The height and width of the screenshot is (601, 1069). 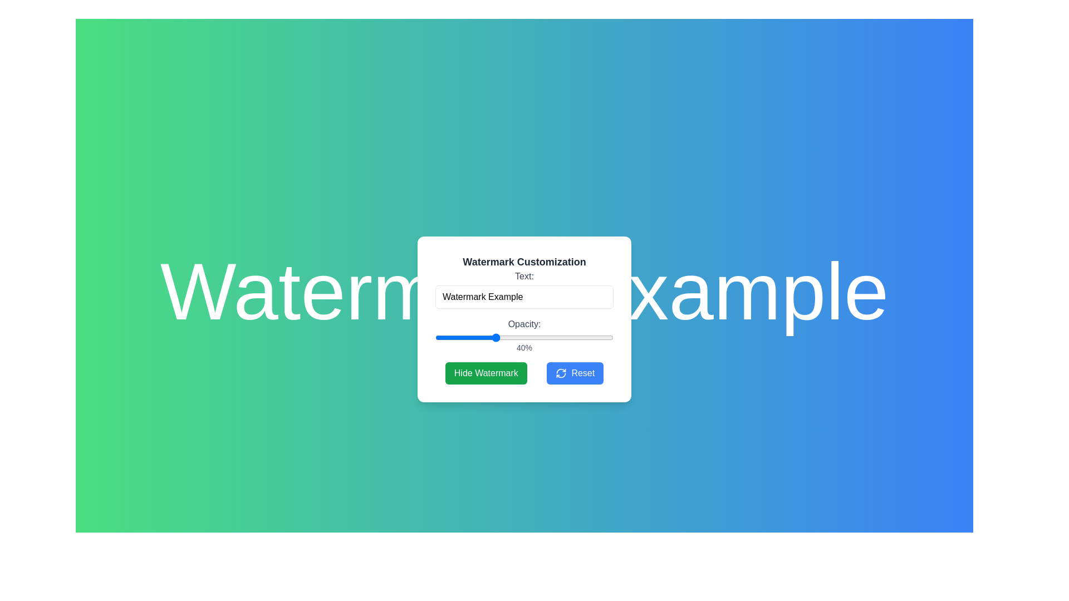 I want to click on opacity, so click(x=510, y=337).